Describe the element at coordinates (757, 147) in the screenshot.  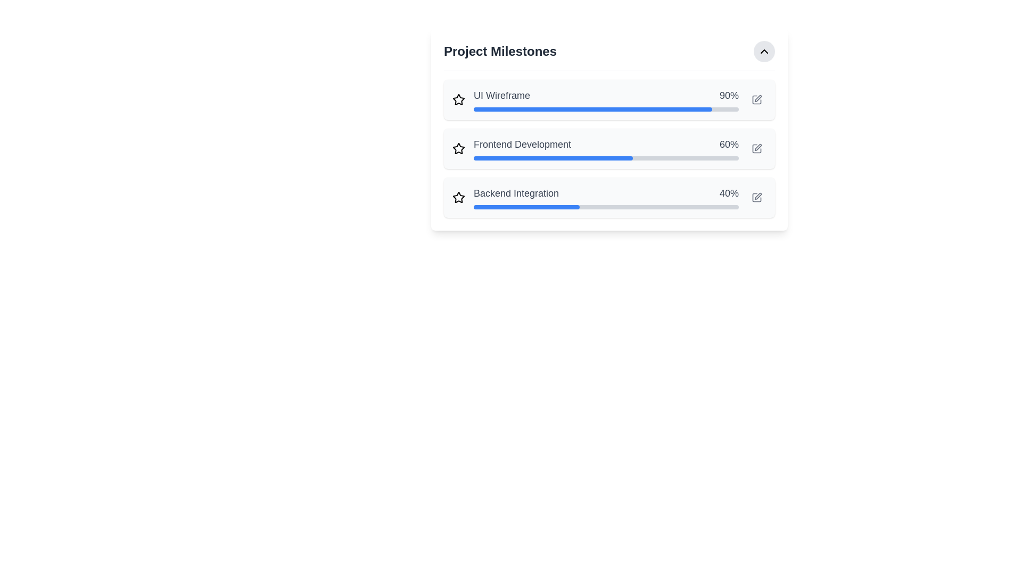
I see `the editing icon located on the right side of the 'Frontend Development' milestone progress bar to initiate an edit action` at that location.